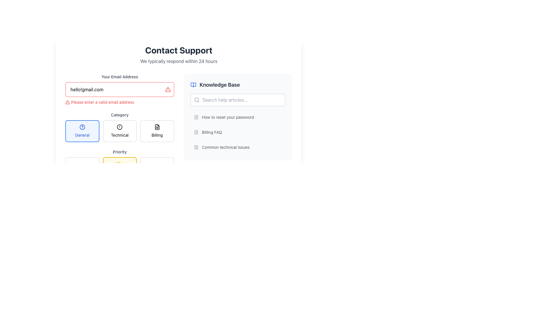 The height and width of the screenshot is (312, 555). I want to click on the third button in the horizontally aligned group below the 'Category' section, so click(157, 131).